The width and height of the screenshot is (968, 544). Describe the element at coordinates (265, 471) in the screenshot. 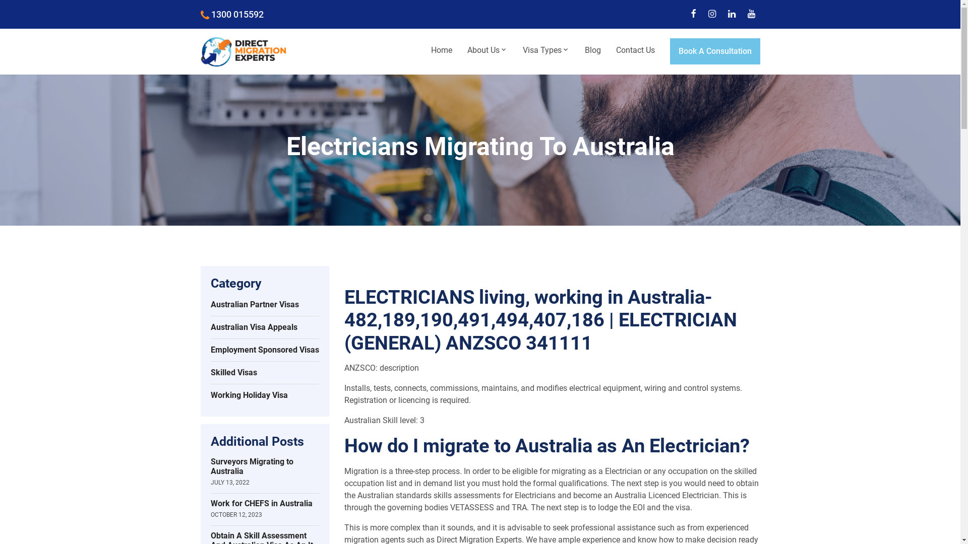

I see `'Surveyors Migrating to Australia` at that location.